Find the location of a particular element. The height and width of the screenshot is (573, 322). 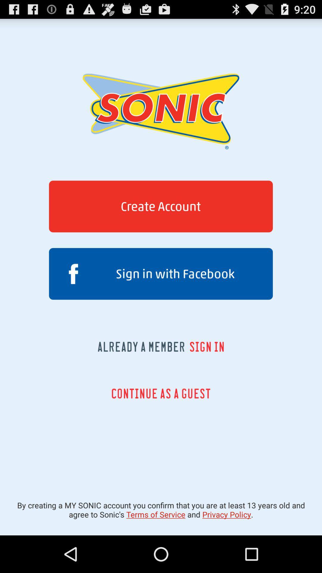

by creating a app is located at coordinates (161, 509).